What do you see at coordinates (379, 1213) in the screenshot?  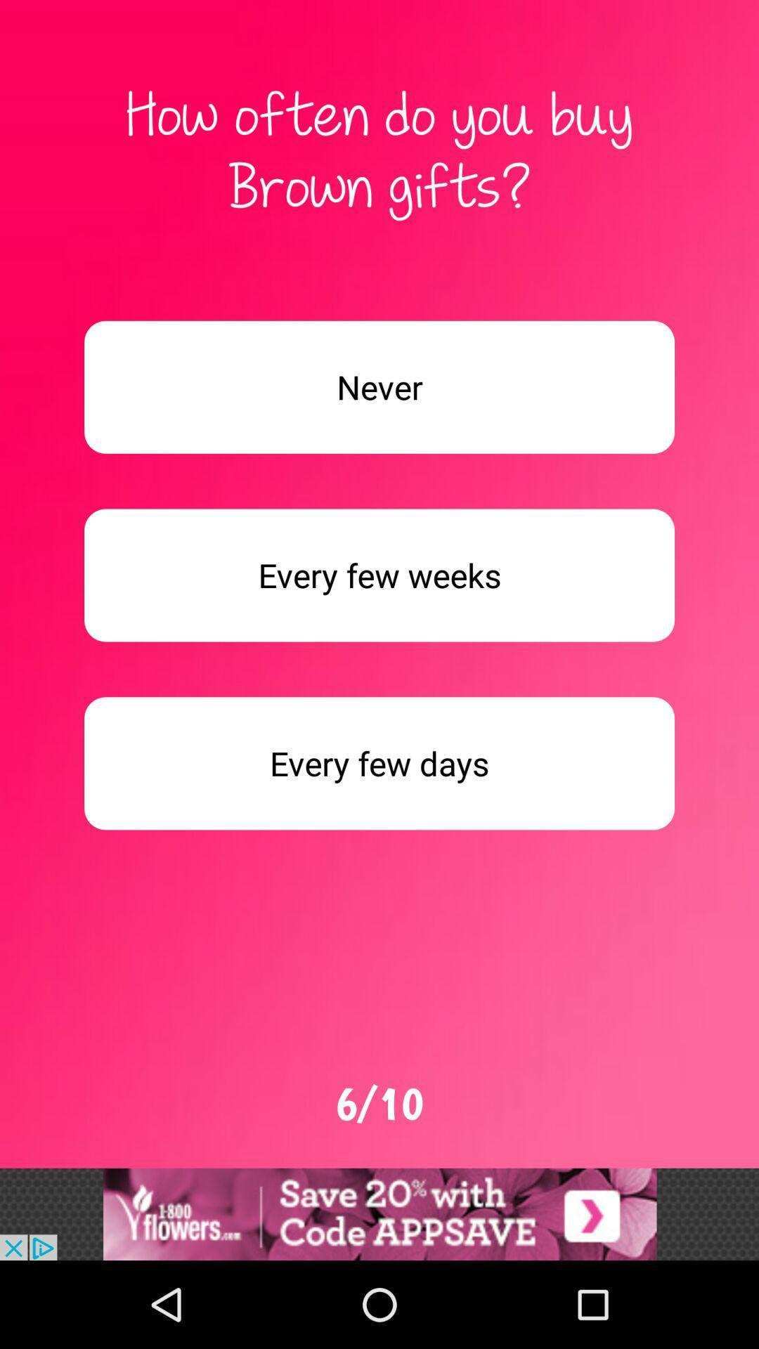 I see `choose the selection` at bounding box center [379, 1213].